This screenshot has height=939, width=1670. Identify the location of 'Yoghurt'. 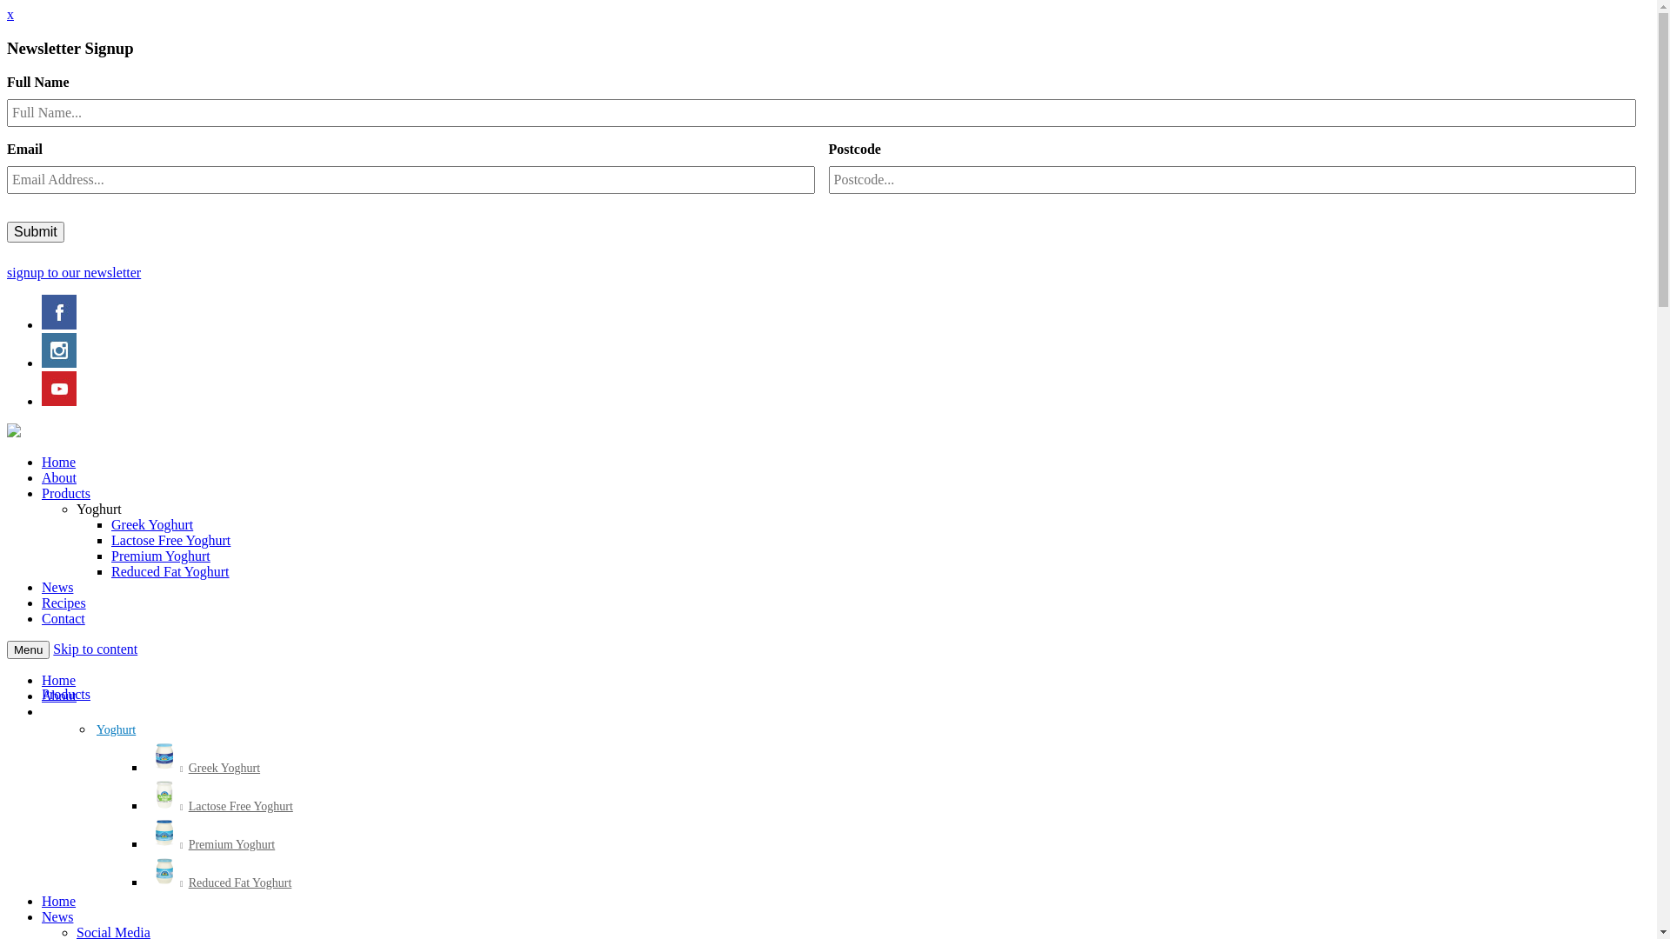
(98, 509).